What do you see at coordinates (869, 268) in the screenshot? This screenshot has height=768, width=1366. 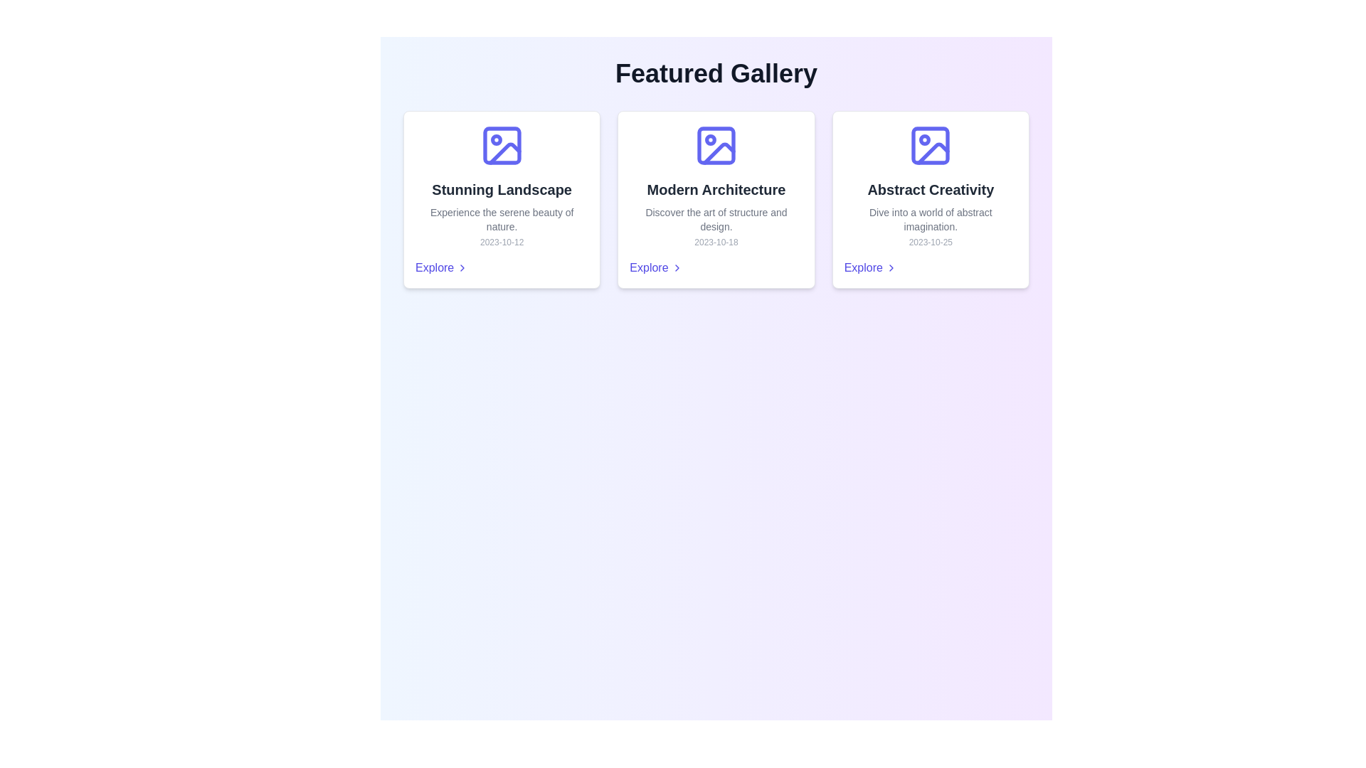 I see `the 'Explore' link or button located at the bottom right of the 'Abstract Creativity' card` at bounding box center [869, 268].